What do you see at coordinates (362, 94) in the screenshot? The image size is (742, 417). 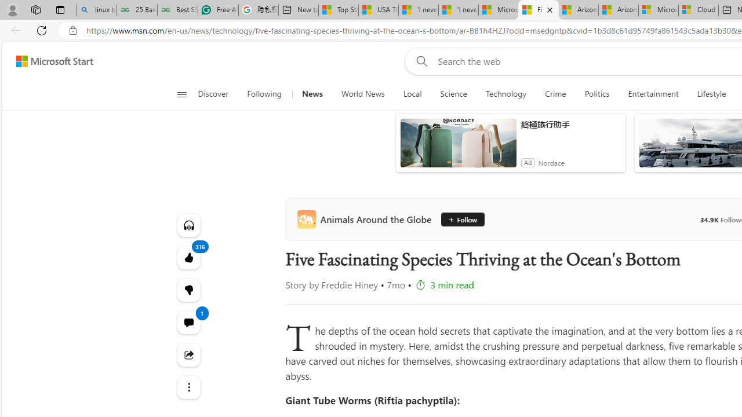 I see `'World News'` at bounding box center [362, 94].